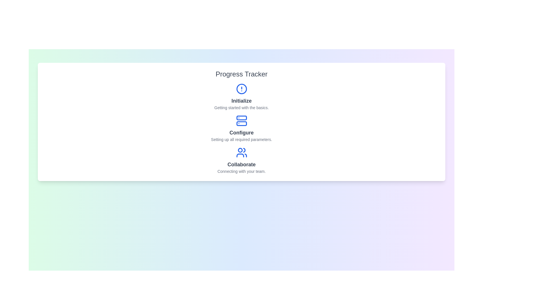 This screenshot has width=546, height=307. What do you see at coordinates (241, 160) in the screenshot?
I see `the step titled 'Collaborate' to view its details` at bounding box center [241, 160].